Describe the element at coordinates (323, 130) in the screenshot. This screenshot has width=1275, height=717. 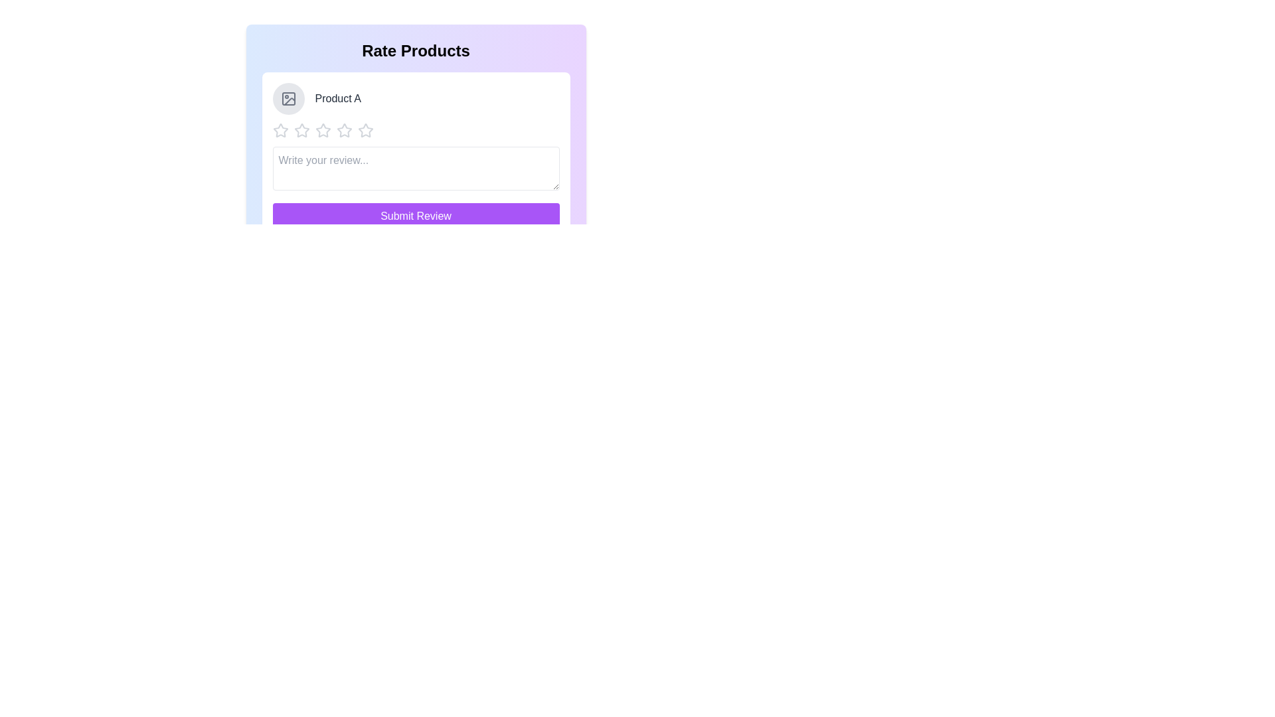
I see `the star corresponding to the desired rating 3` at that location.